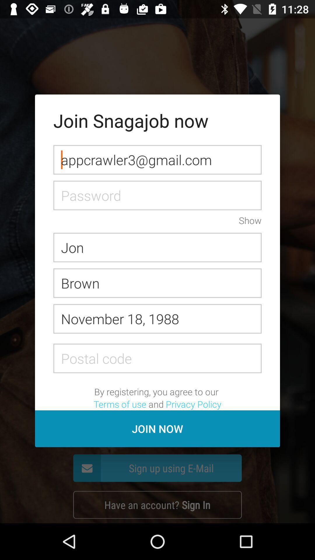 This screenshot has width=315, height=560. I want to click on date of birth, so click(157, 318).